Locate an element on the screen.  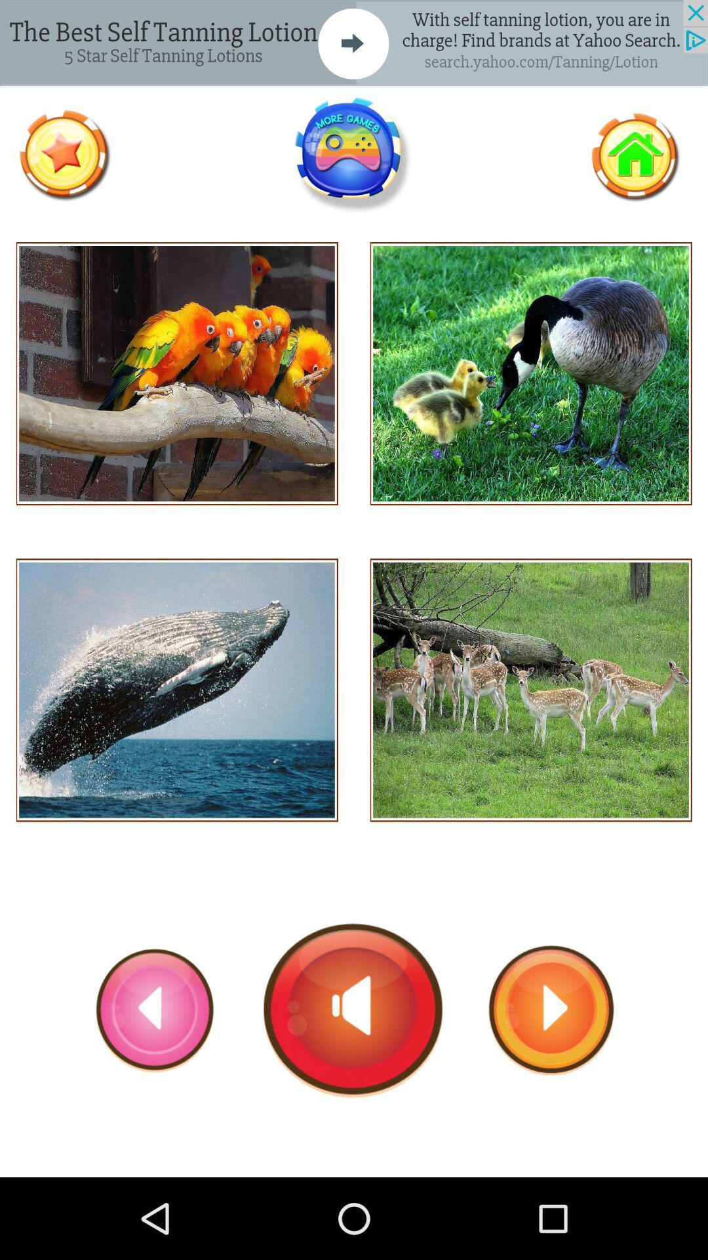
listen to audio is located at coordinates (531, 689).